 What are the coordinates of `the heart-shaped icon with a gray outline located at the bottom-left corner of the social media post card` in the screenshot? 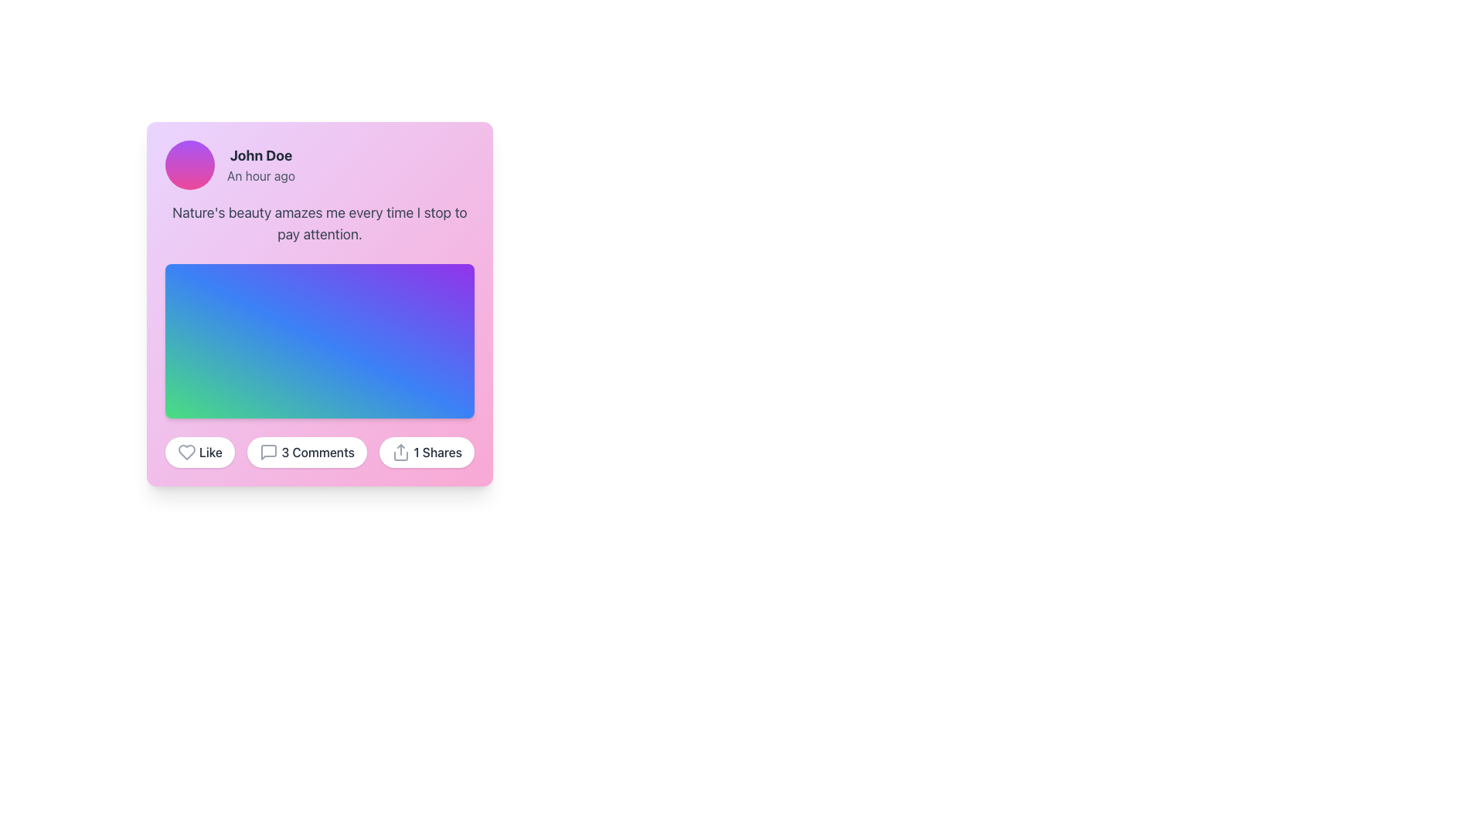 It's located at (185, 452).